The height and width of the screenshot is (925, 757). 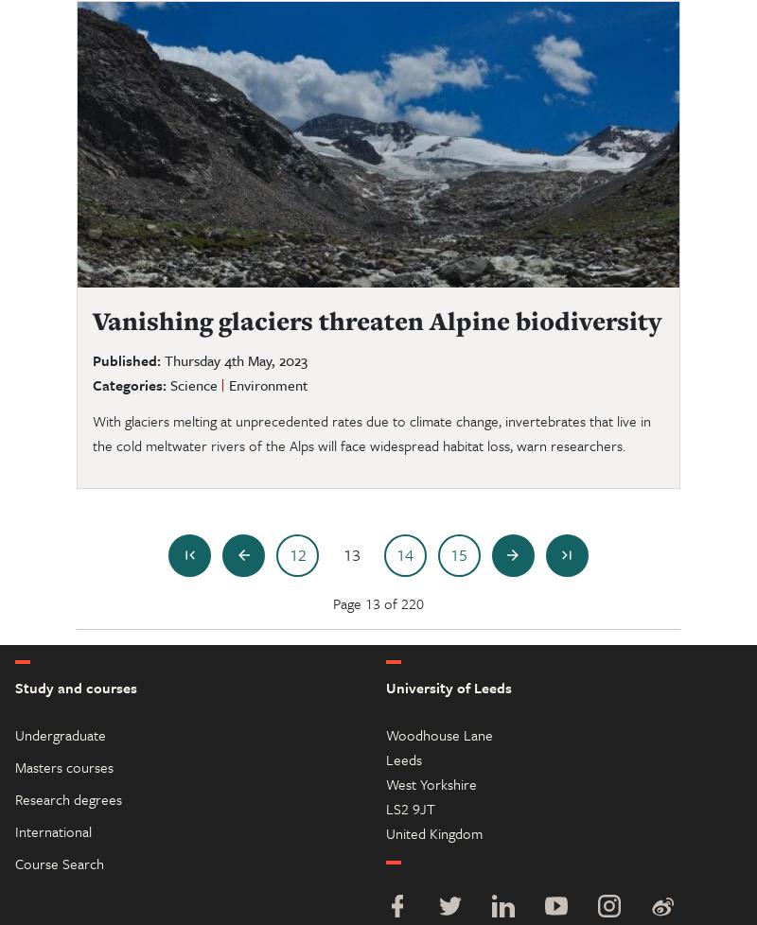 I want to click on 'Leeds', so click(x=403, y=757).